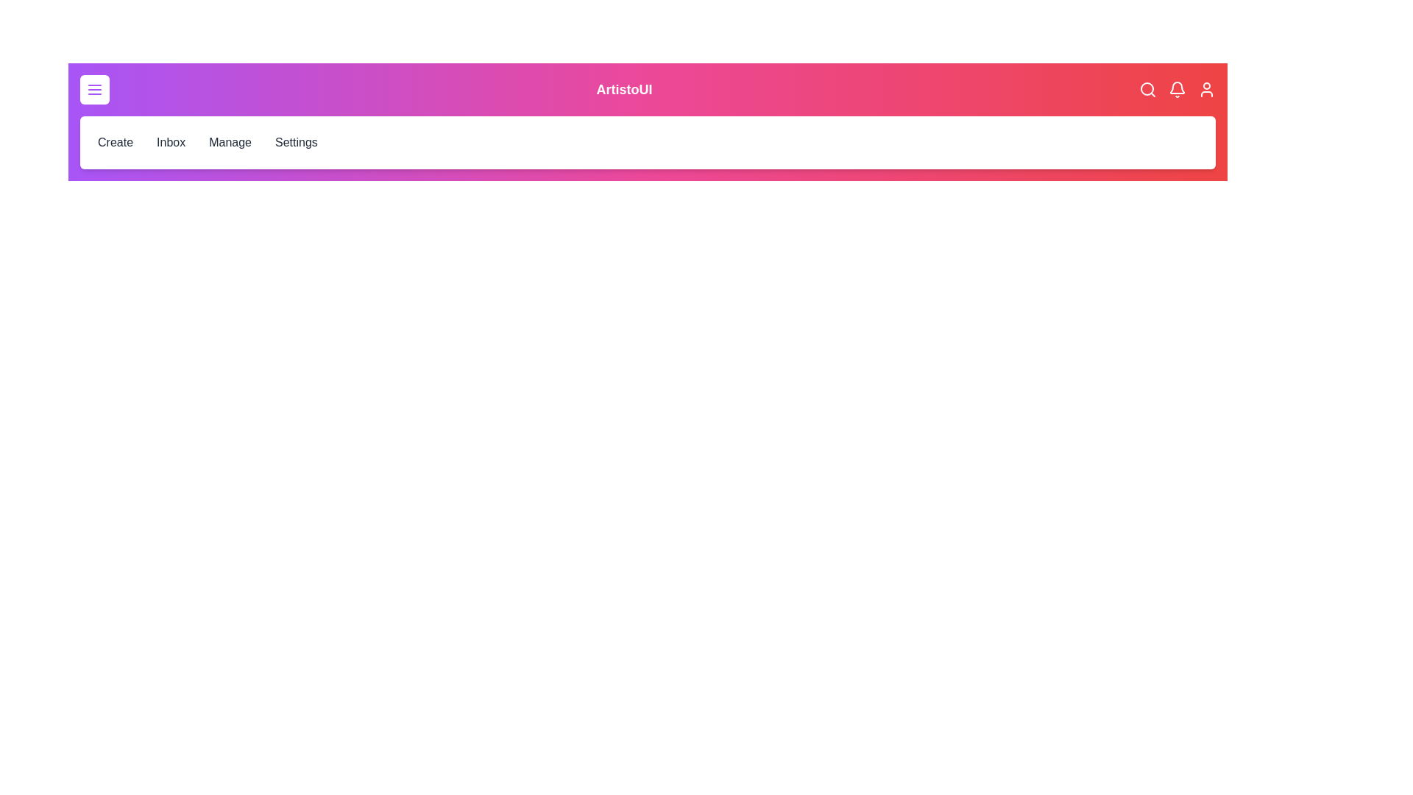  What do you see at coordinates (115, 142) in the screenshot?
I see `the Create menu item` at bounding box center [115, 142].